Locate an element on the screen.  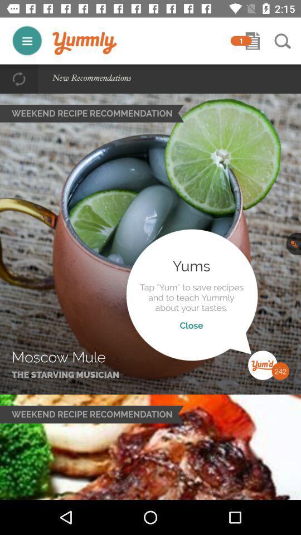
open shopping list is located at coordinates (253, 41).